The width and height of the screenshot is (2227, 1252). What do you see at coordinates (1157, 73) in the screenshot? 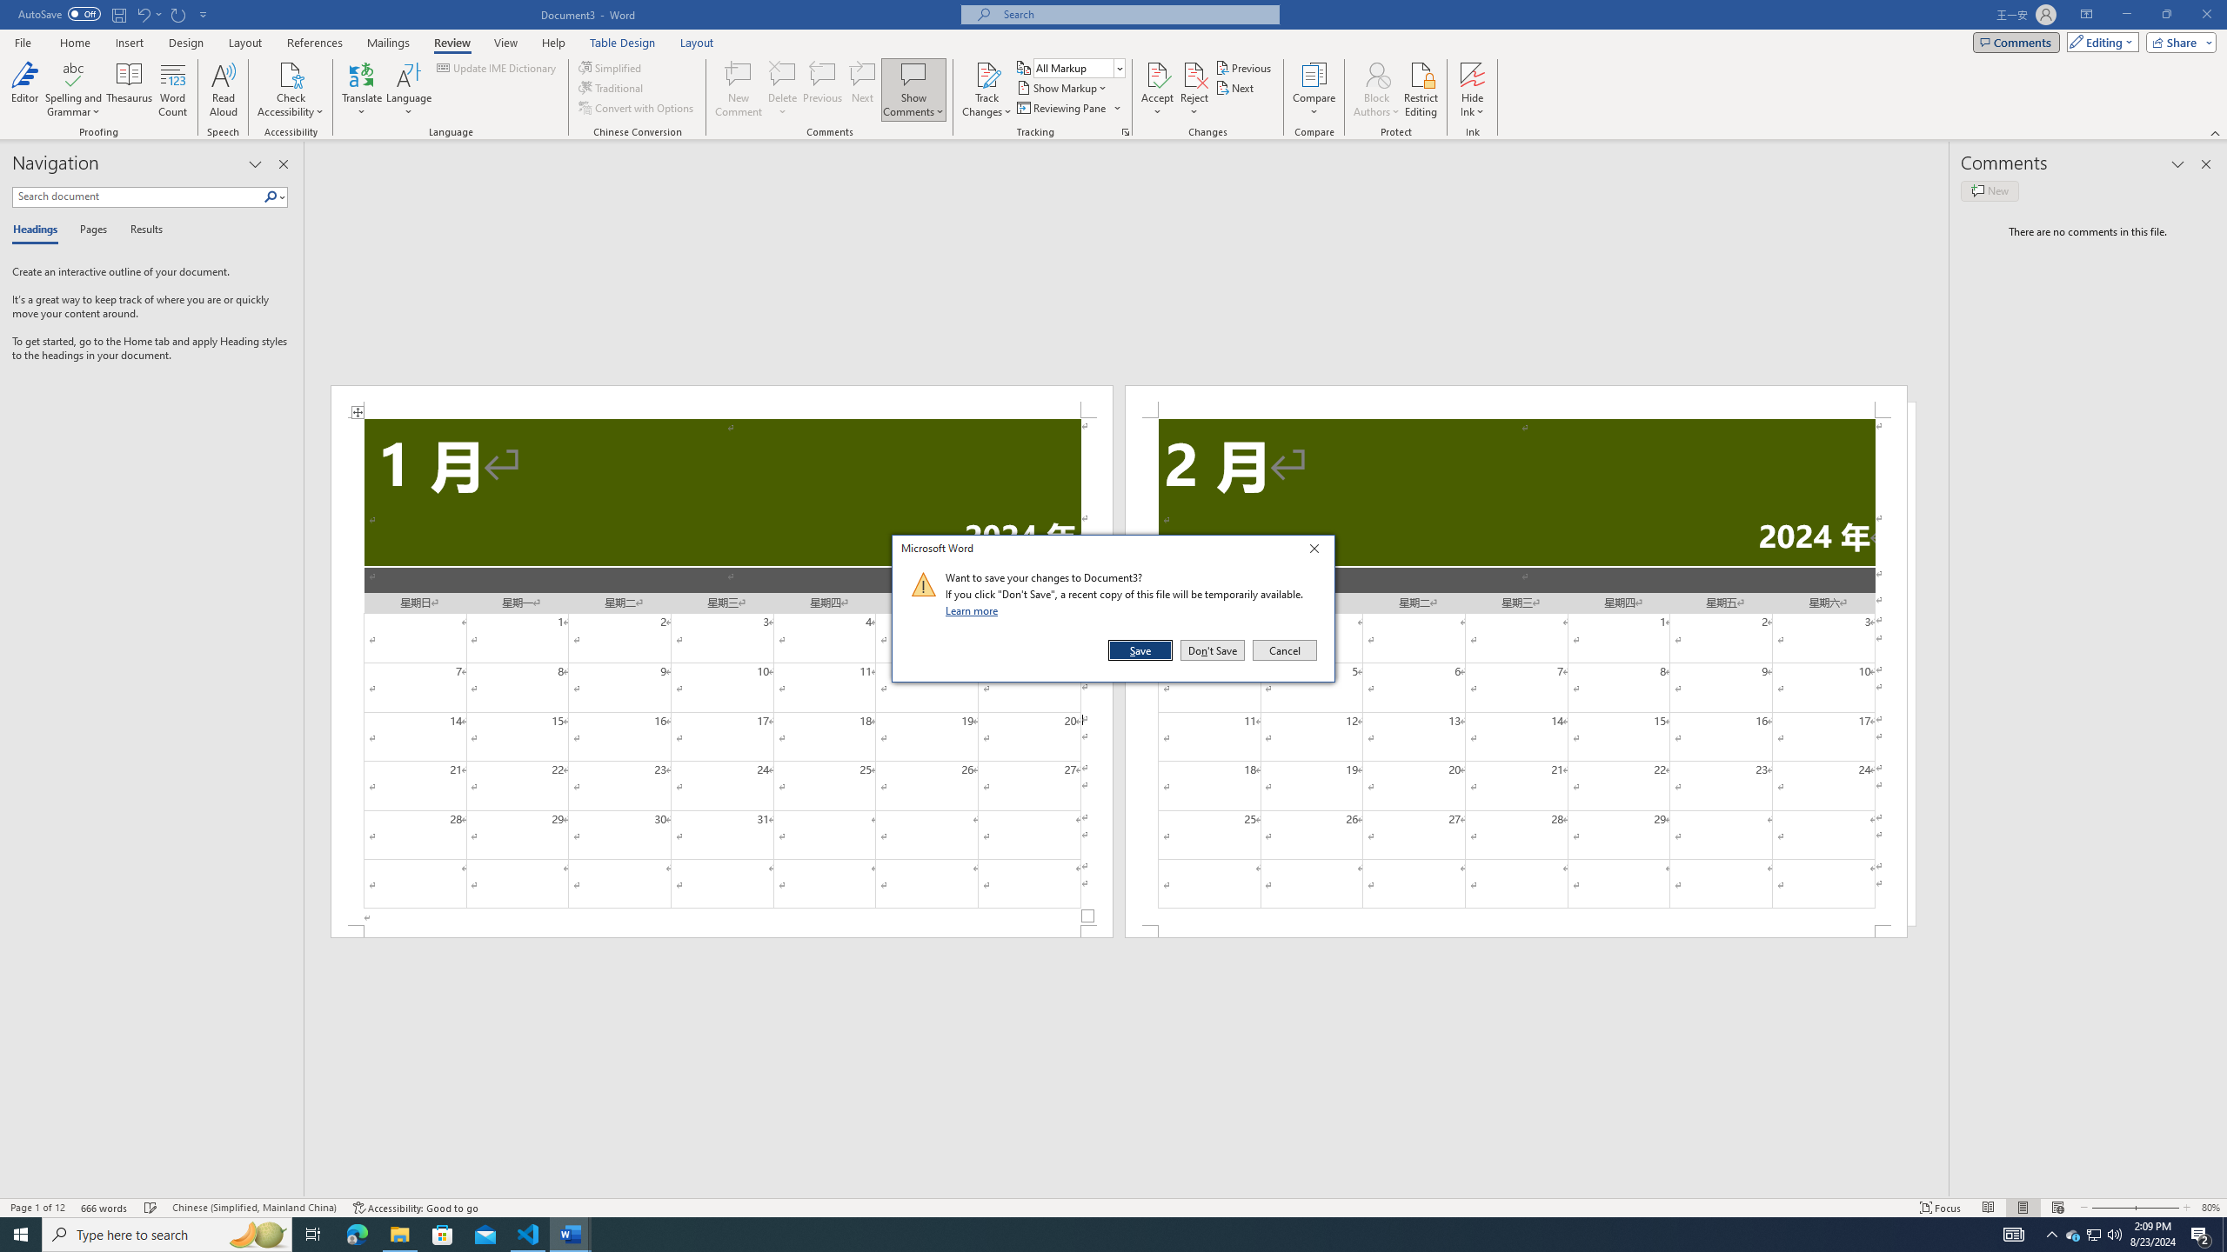
I see `'Accept and Move to Next'` at bounding box center [1157, 73].